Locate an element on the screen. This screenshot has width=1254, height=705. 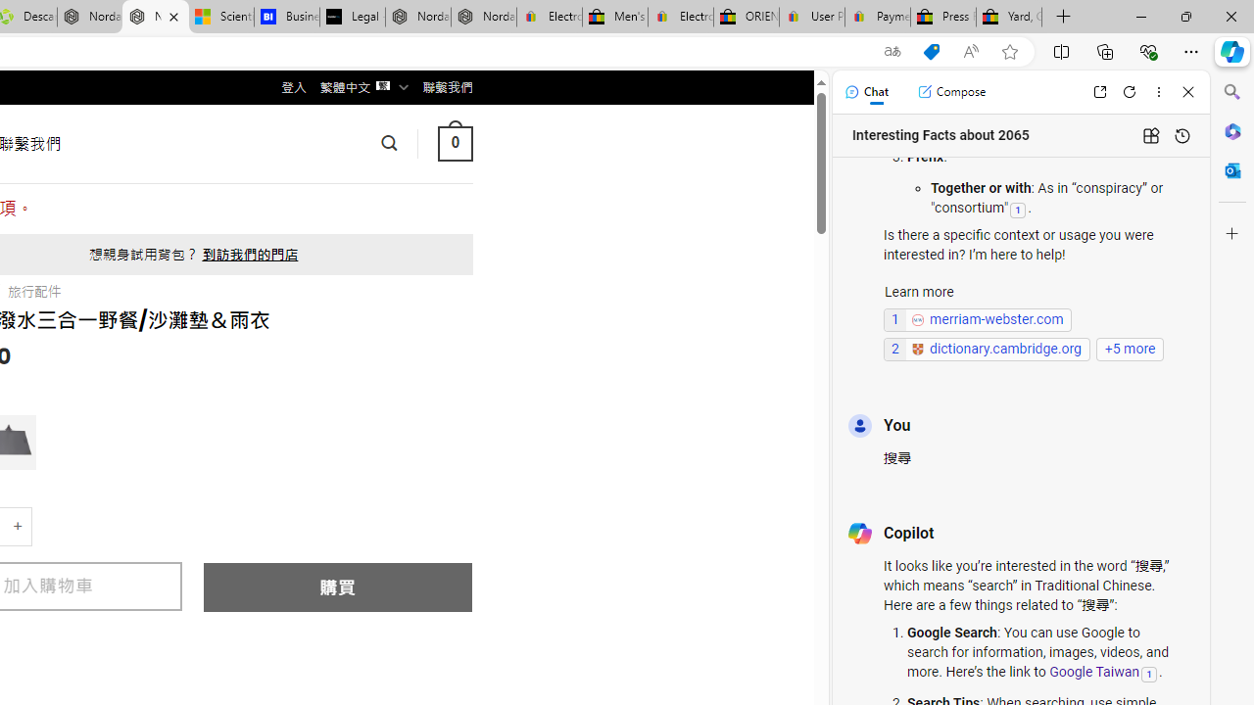
'Press Room - eBay Inc.' is located at coordinates (943, 17).